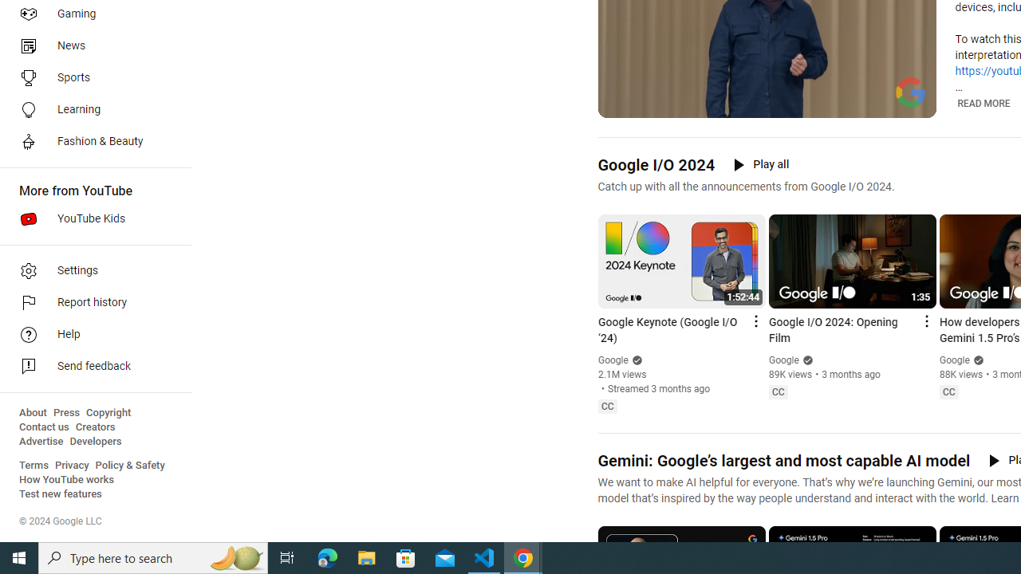 The image size is (1021, 574). I want to click on 'News', so click(89, 45).